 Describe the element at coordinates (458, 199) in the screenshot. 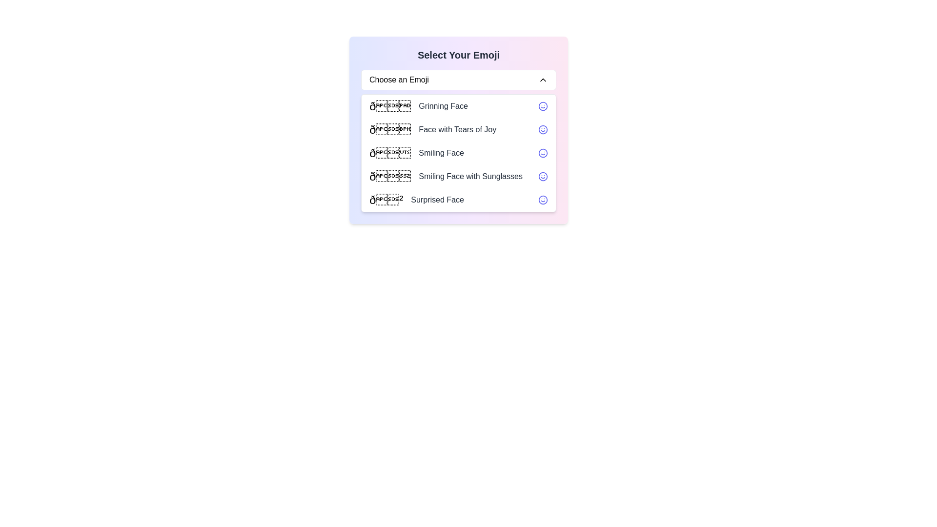

I see `the fifth item in the dropdown list, which features a left-aligned emoji icon and the text 'Surprised Face'` at that location.